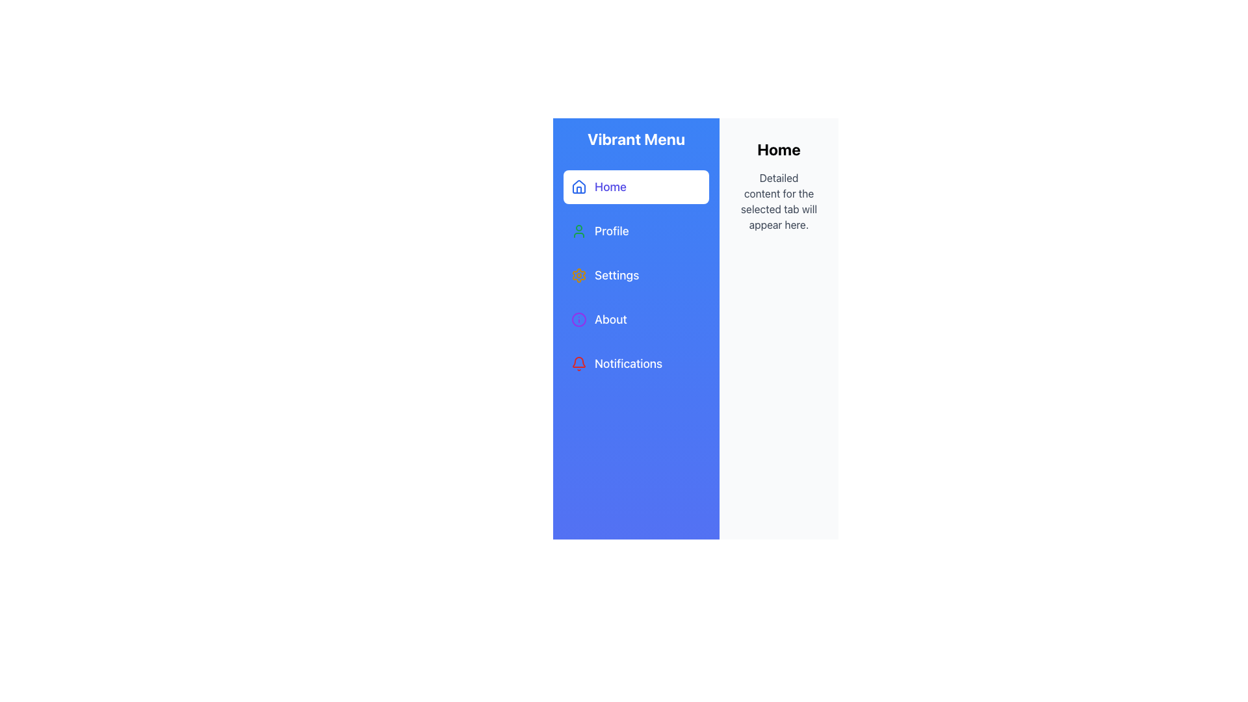 This screenshot has height=702, width=1248. Describe the element at coordinates (636, 275) in the screenshot. I see `a menu item in the vertical navigation menu located in the left sidebar of the interface, below the heading 'Vibrant Menu'` at that location.